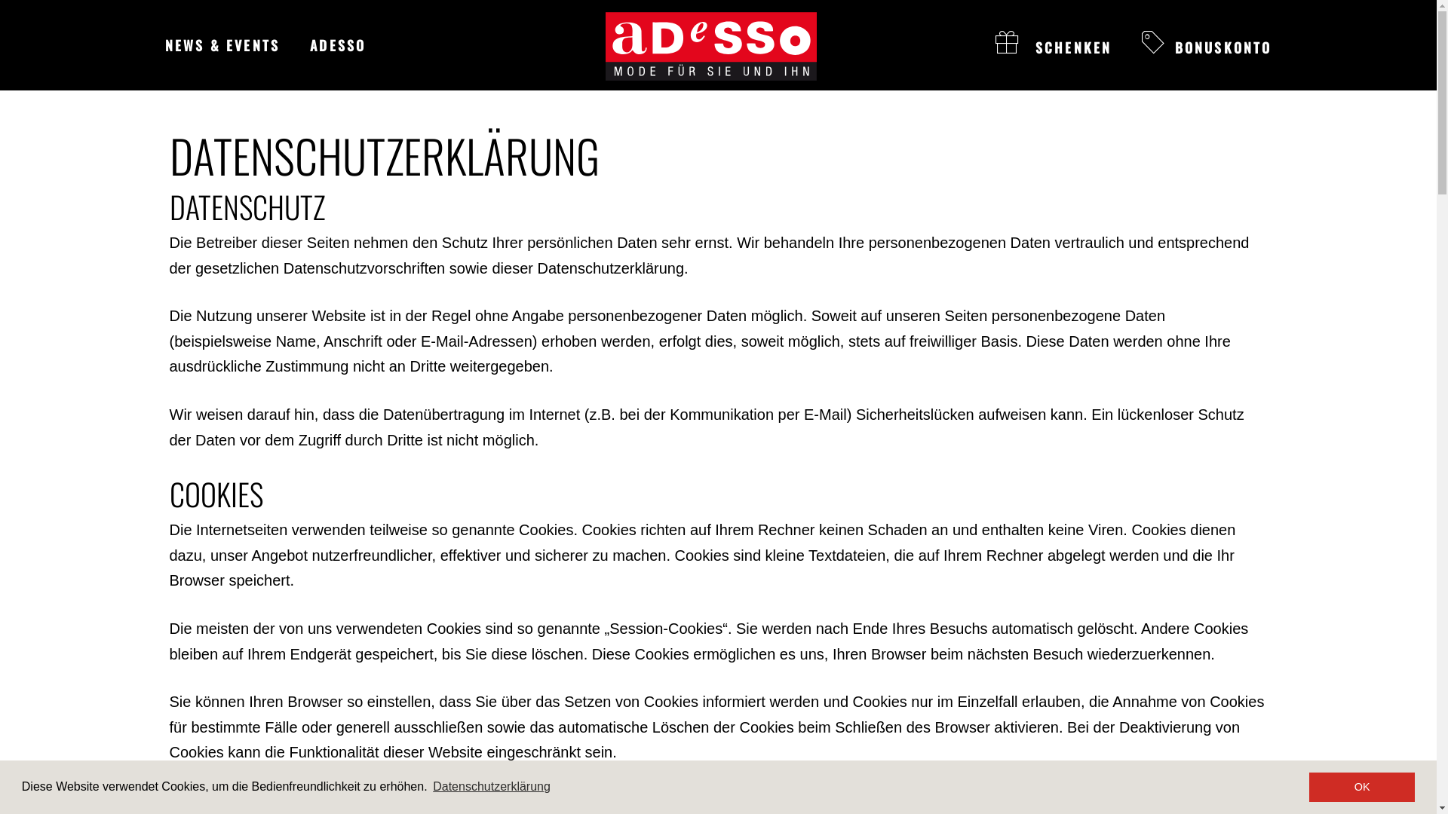 This screenshot has width=1448, height=814. What do you see at coordinates (1053, 46) in the screenshot?
I see `'SCHENKEN'` at bounding box center [1053, 46].